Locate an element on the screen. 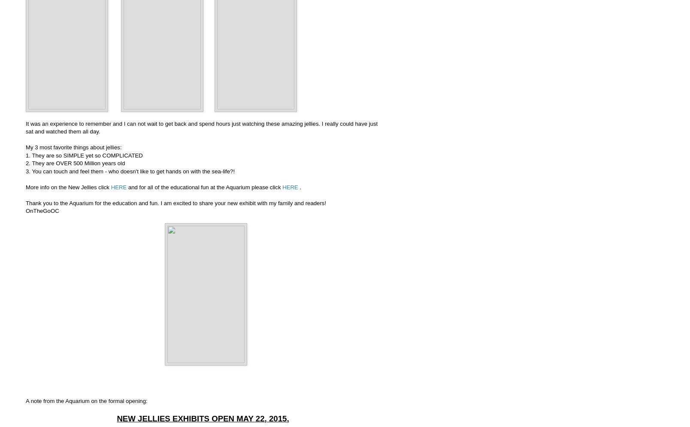 The width and height of the screenshot is (690, 427). '1. They are so SIMPLE yet so COMPLICATED' is located at coordinates (25, 154).